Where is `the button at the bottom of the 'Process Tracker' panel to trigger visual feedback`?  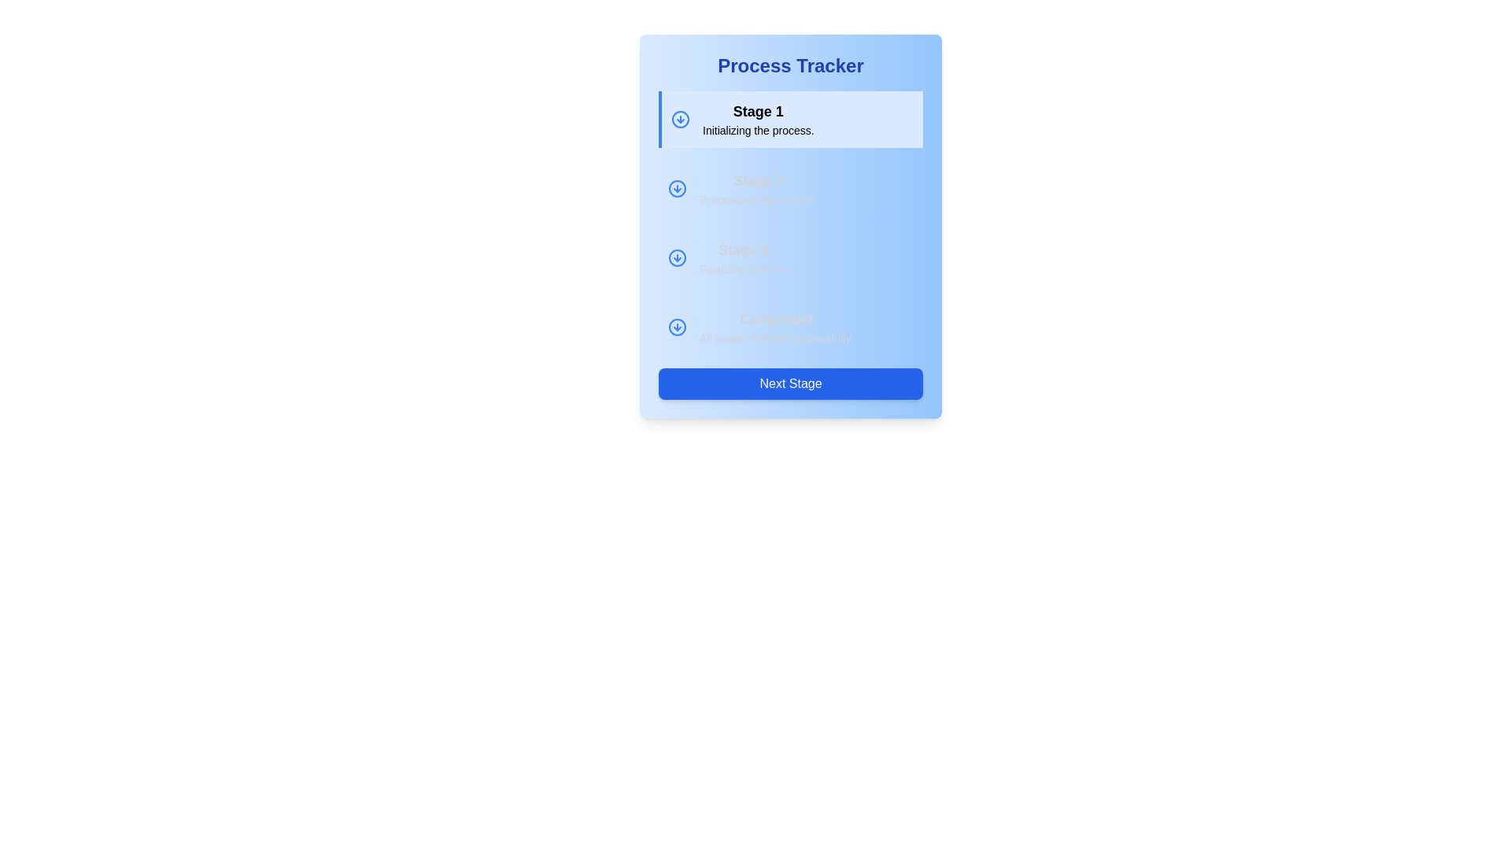 the button at the bottom of the 'Process Tracker' panel to trigger visual feedback is located at coordinates (790, 384).